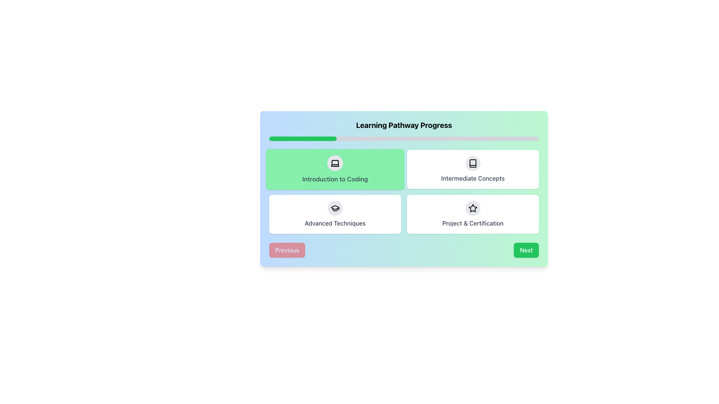  What do you see at coordinates (285, 138) in the screenshot?
I see `progress` at bounding box center [285, 138].